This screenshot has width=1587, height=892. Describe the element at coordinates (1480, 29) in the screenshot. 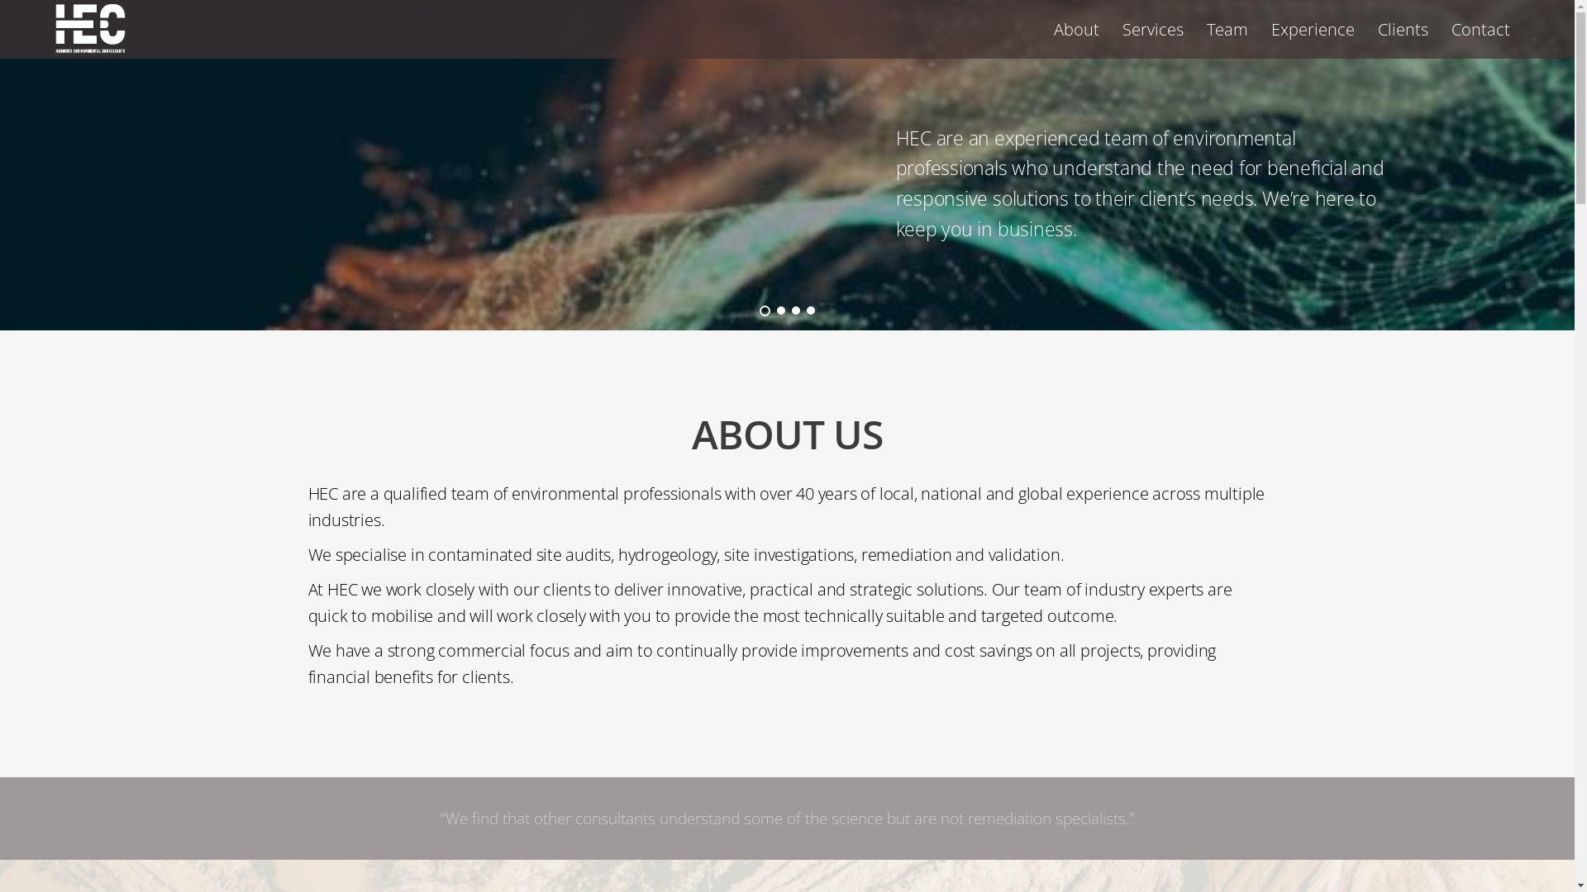

I see `'Contact'` at that location.